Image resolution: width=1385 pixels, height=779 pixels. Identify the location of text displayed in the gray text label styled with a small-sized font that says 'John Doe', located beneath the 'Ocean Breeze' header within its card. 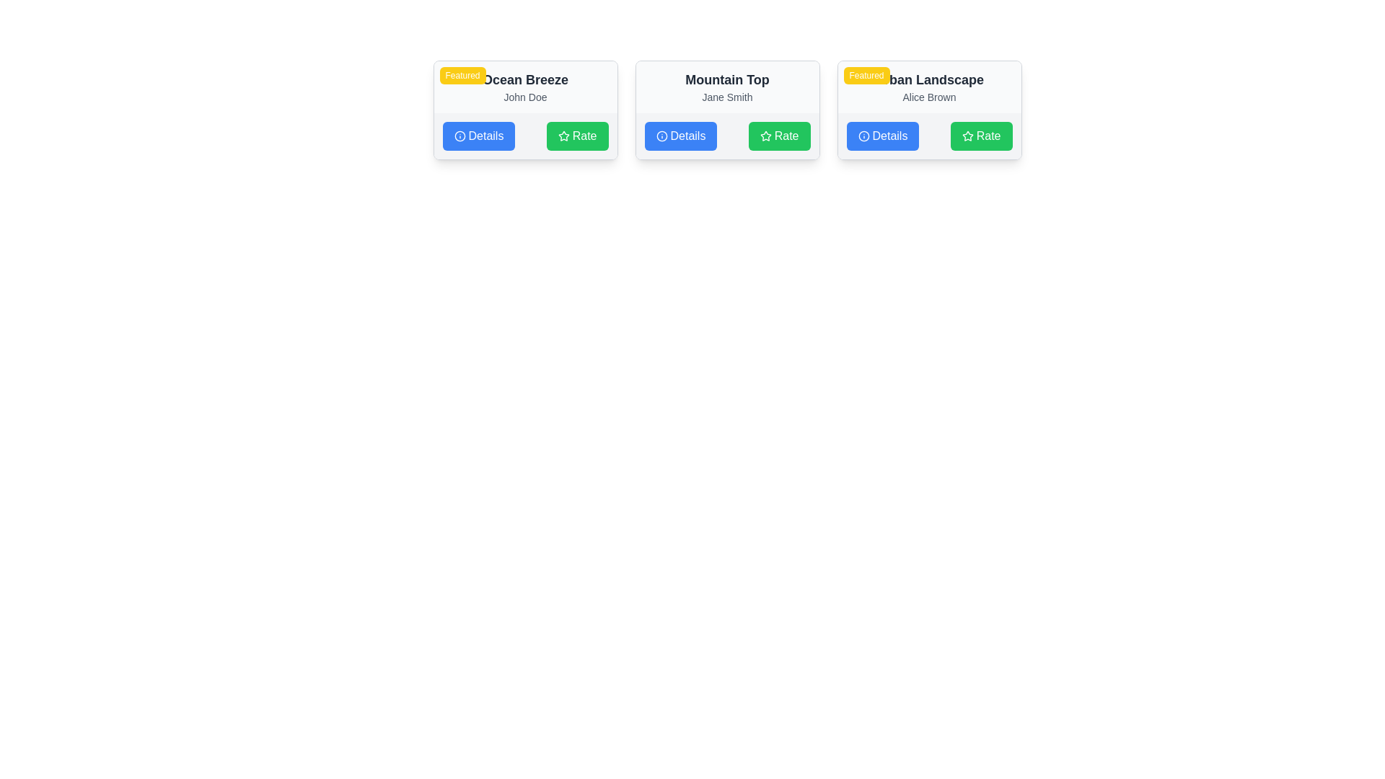
(524, 97).